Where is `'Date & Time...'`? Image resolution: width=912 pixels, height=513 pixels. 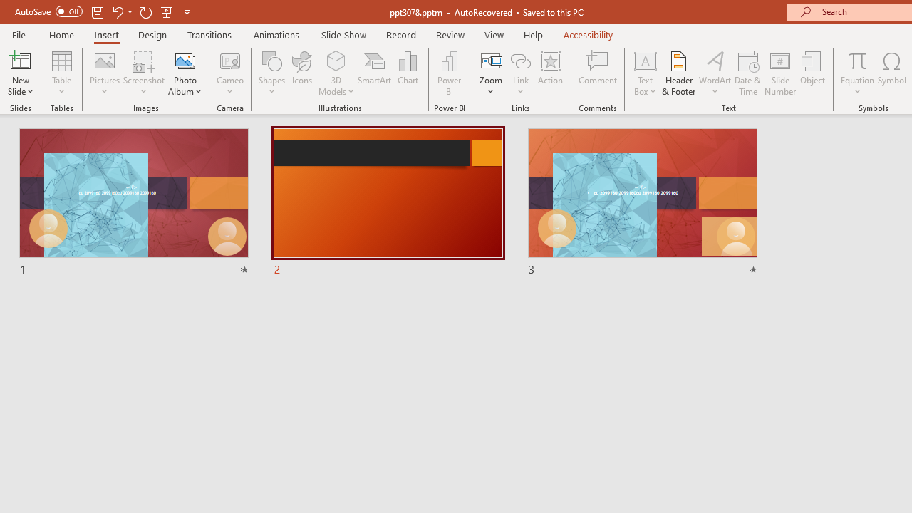 'Date & Time...' is located at coordinates (747, 73).